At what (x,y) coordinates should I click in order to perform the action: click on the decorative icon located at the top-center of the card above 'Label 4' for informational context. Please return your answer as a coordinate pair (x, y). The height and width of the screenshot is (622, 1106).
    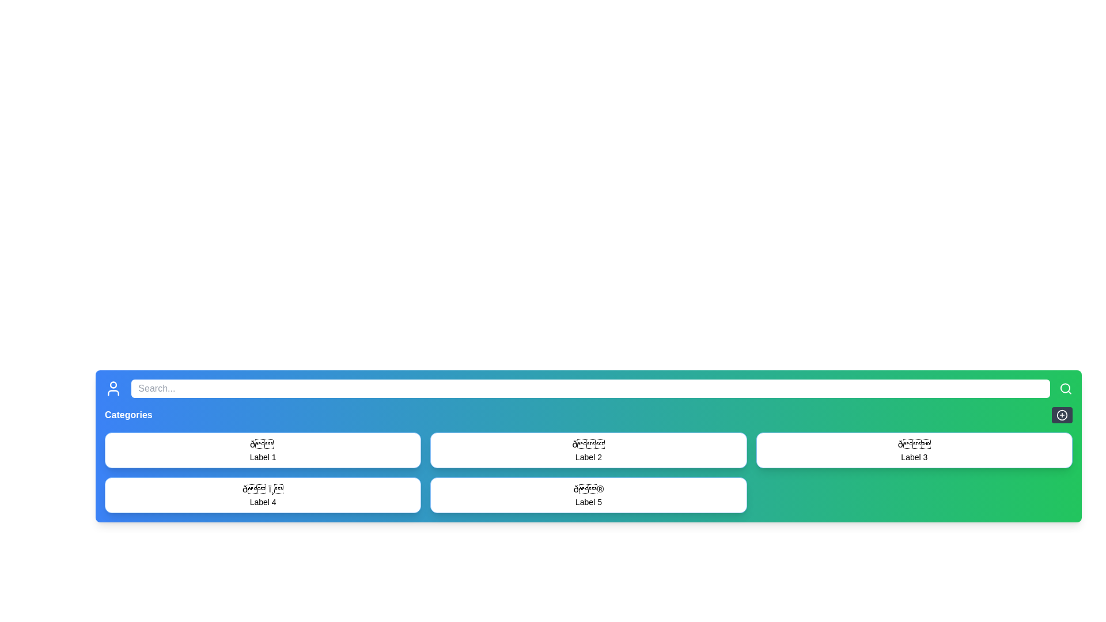
    Looking at the image, I should click on (262, 489).